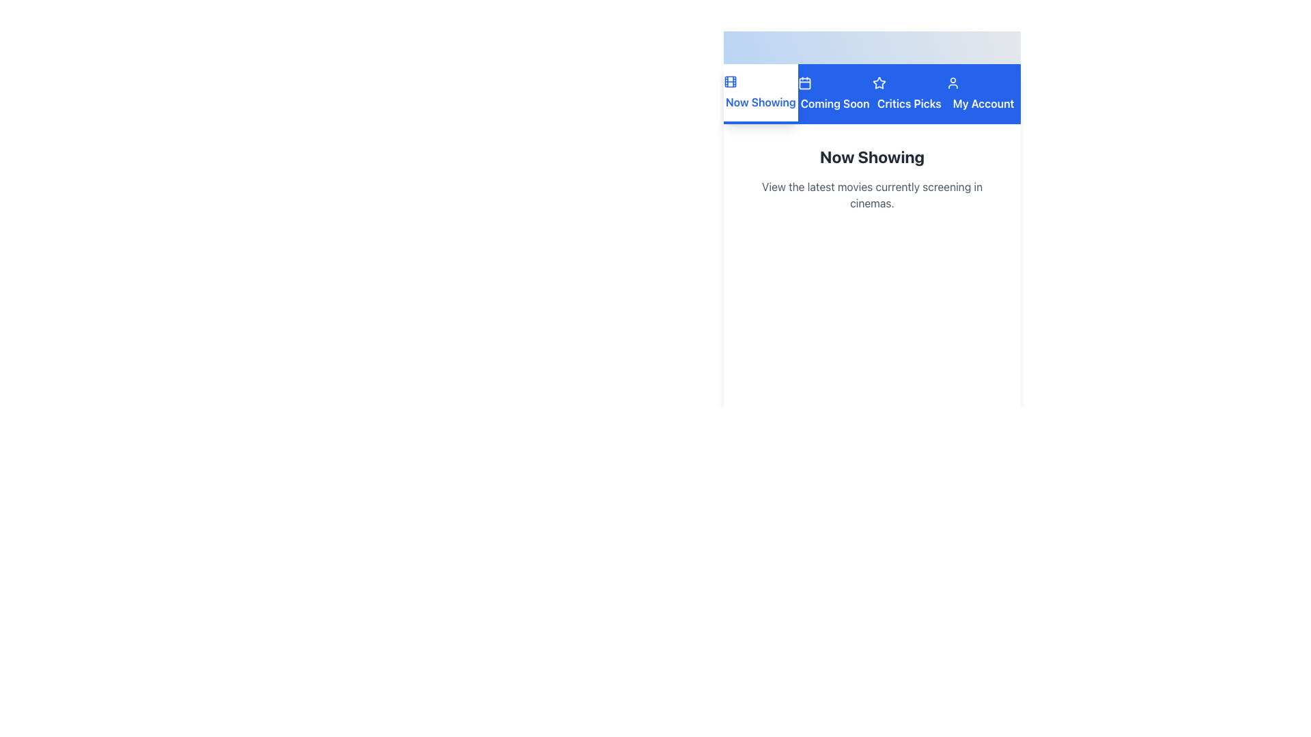  What do you see at coordinates (879, 83) in the screenshot?
I see `the blue star icon located` at bounding box center [879, 83].